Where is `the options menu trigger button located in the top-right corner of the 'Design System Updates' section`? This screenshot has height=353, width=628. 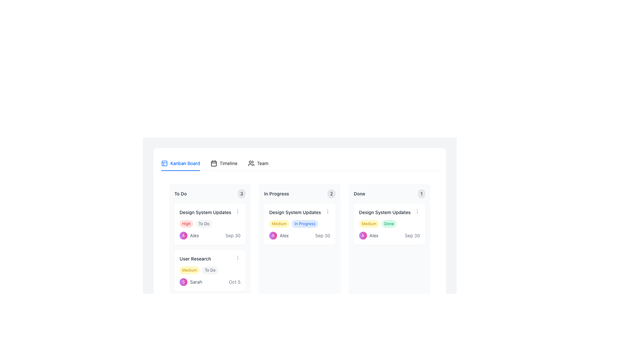
the options menu trigger button located in the top-right corner of the 'Design System Updates' section is located at coordinates (417, 211).